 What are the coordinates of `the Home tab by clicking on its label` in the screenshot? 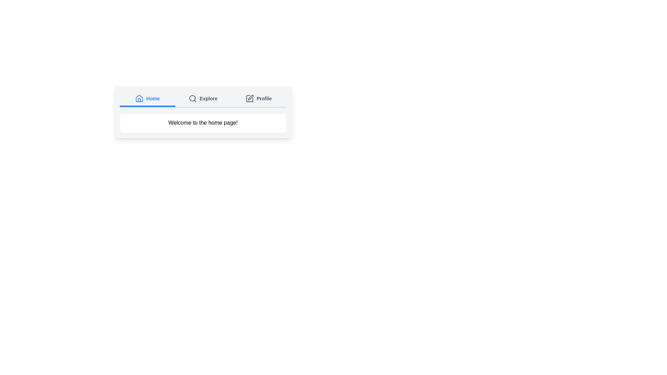 It's located at (147, 99).